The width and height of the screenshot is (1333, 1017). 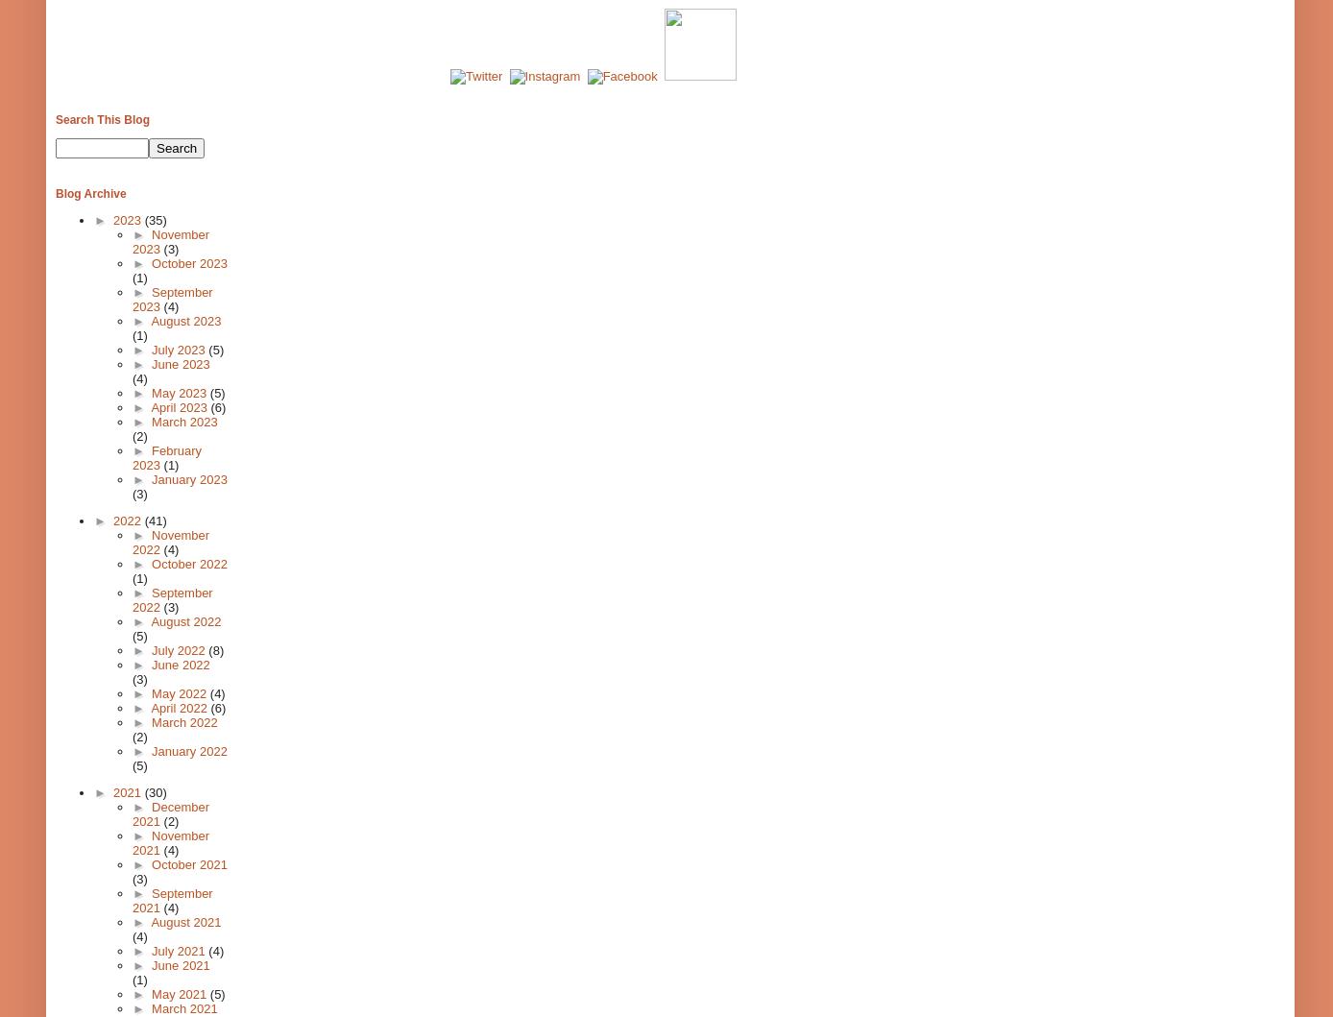 What do you see at coordinates (179, 650) in the screenshot?
I see `'July 2022'` at bounding box center [179, 650].